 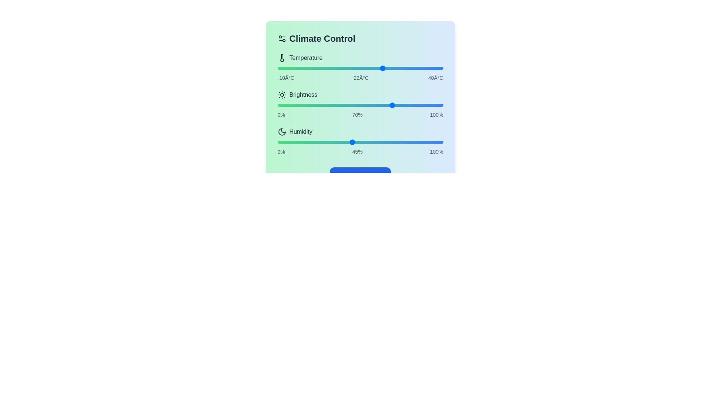 What do you see at coordinates (361, 78) in the screenshot?
I see `the temperature display text label located centrally in the climate control interface, which shows the current temperature value` at bounding box center [361, 78].